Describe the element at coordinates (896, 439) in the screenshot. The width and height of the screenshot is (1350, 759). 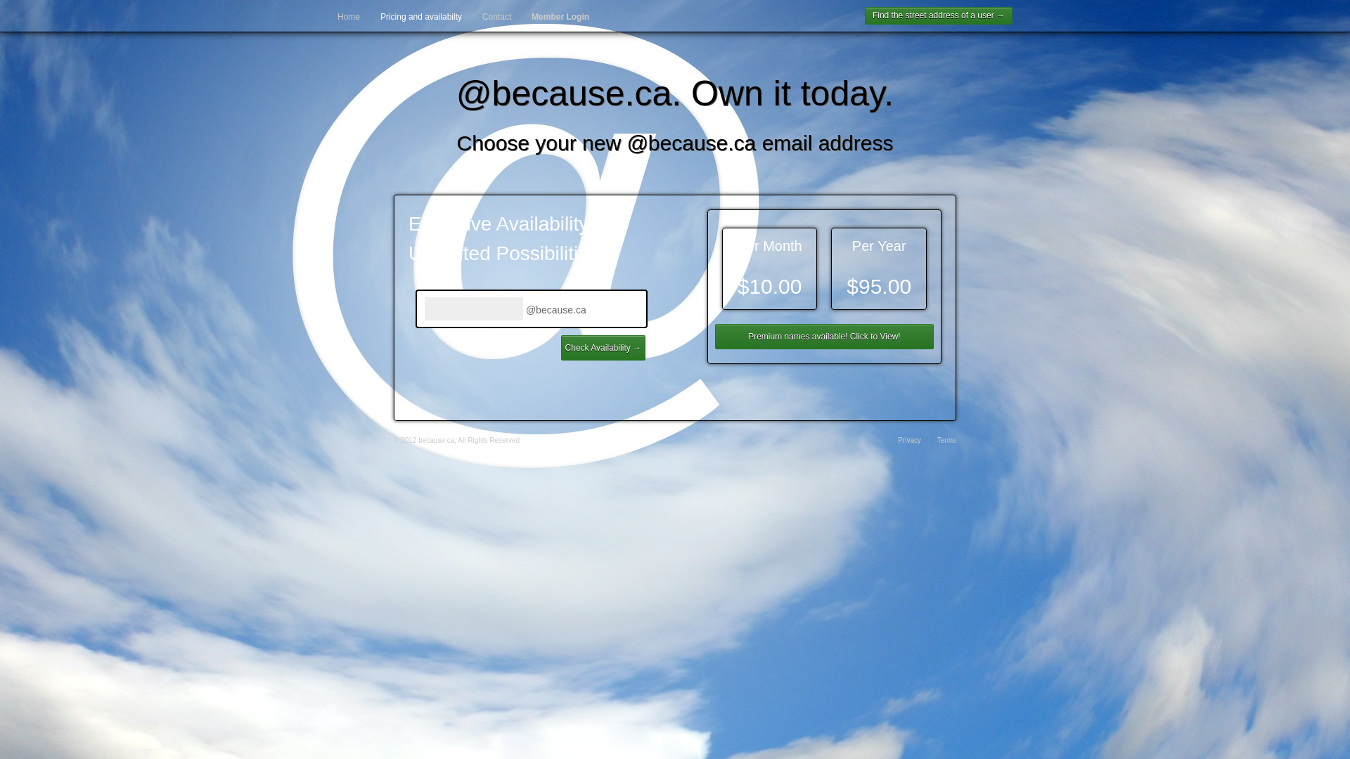
I see `'Privacy'` at that location.